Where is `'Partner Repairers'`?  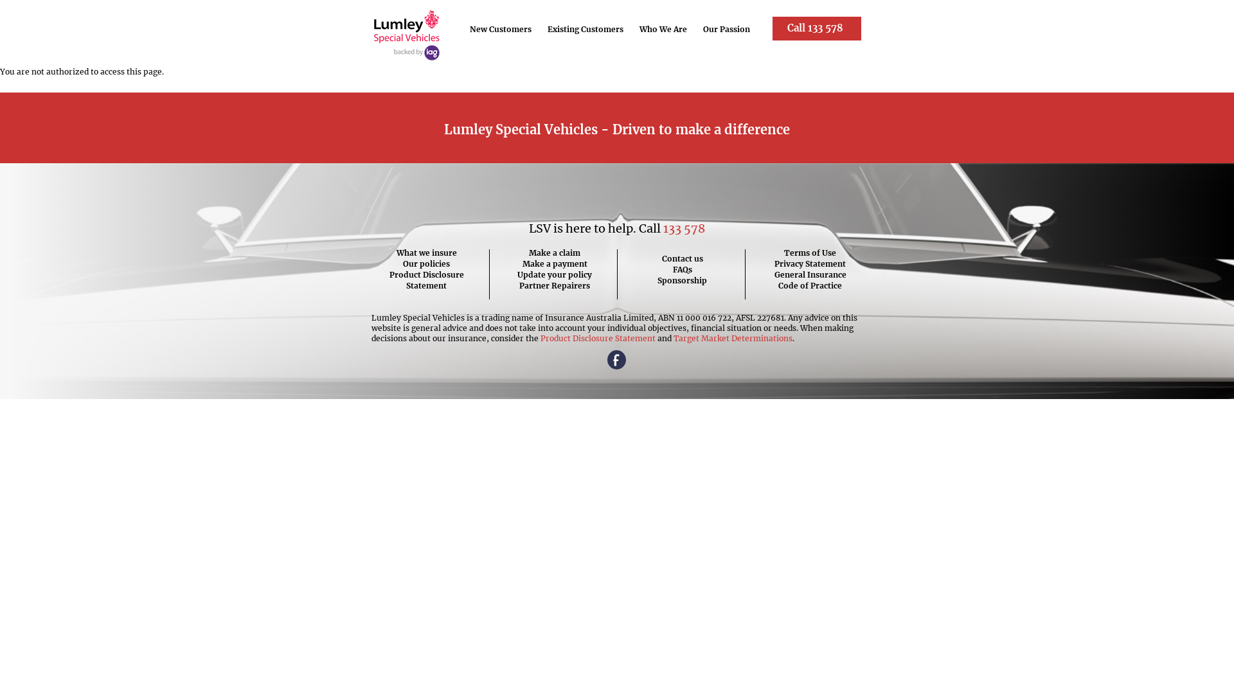
'Partner Repairers' is located at coordinates (517, 285).